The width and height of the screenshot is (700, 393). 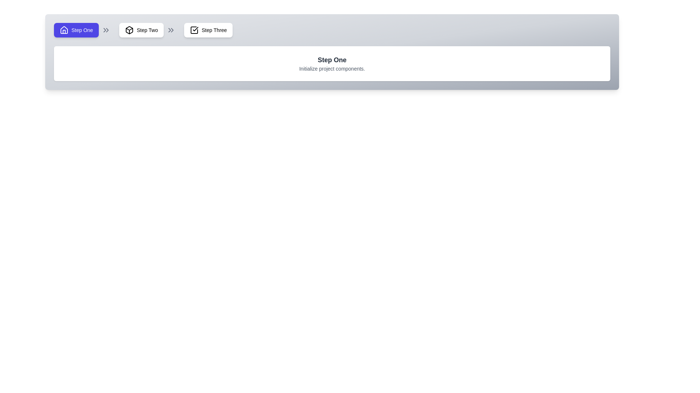 What do you see at coordinates (83, 30) in the screenshot?
I see `the 'Step One' button, which has a blue background, rounded corners, and white text` at bounding box center [83, 30].